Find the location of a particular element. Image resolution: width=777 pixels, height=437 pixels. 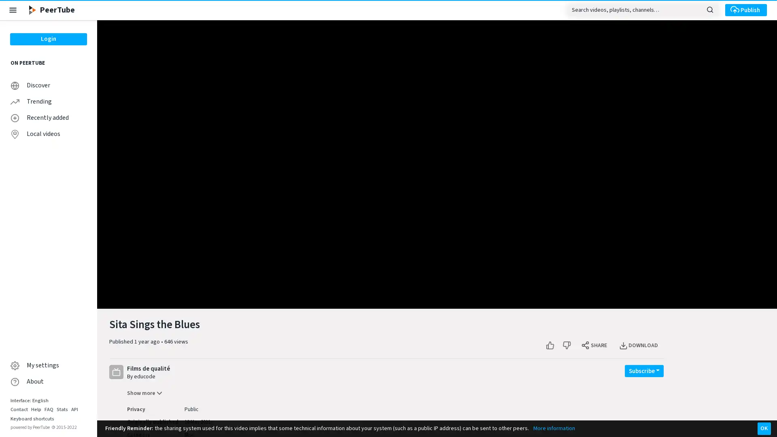

Like this video is located at coordinates (550, 345).